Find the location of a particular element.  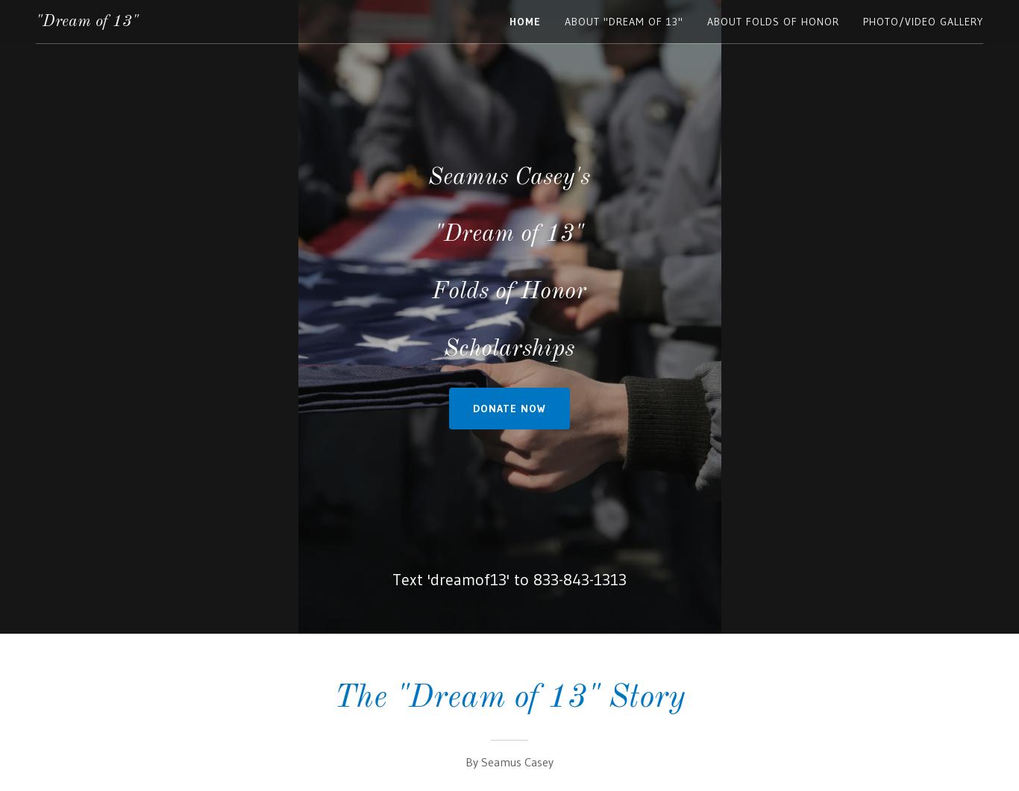

'Text 'dreamof13' to' is located at coordinates (461, 579).